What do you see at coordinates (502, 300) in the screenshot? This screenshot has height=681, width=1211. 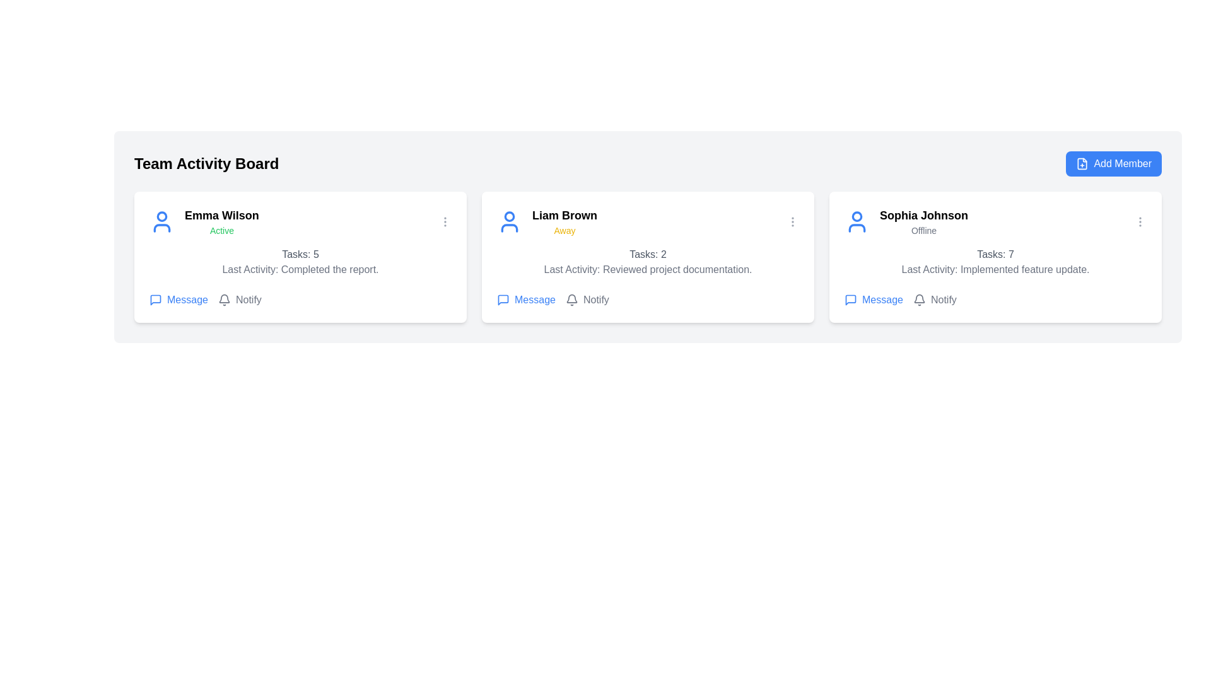 I see `the 'Message' icon (chat bubble style) associated with the second card for 'Liam Brown', located at the bottom-left corner of the card` at bounding box center [502, 300].